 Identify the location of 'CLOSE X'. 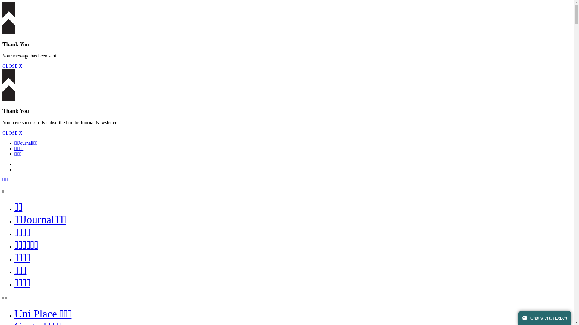
(2, 66).